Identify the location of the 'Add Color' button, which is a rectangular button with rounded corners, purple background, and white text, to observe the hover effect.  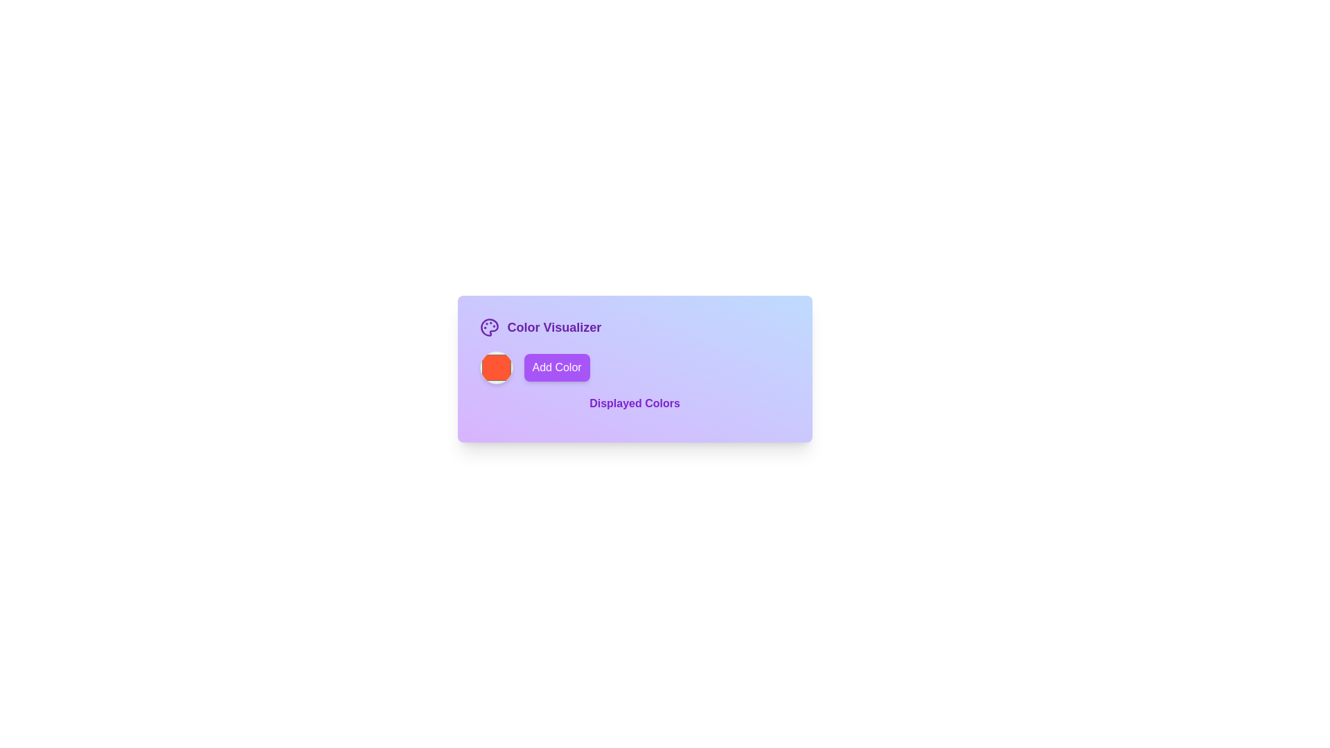
(557, 367).